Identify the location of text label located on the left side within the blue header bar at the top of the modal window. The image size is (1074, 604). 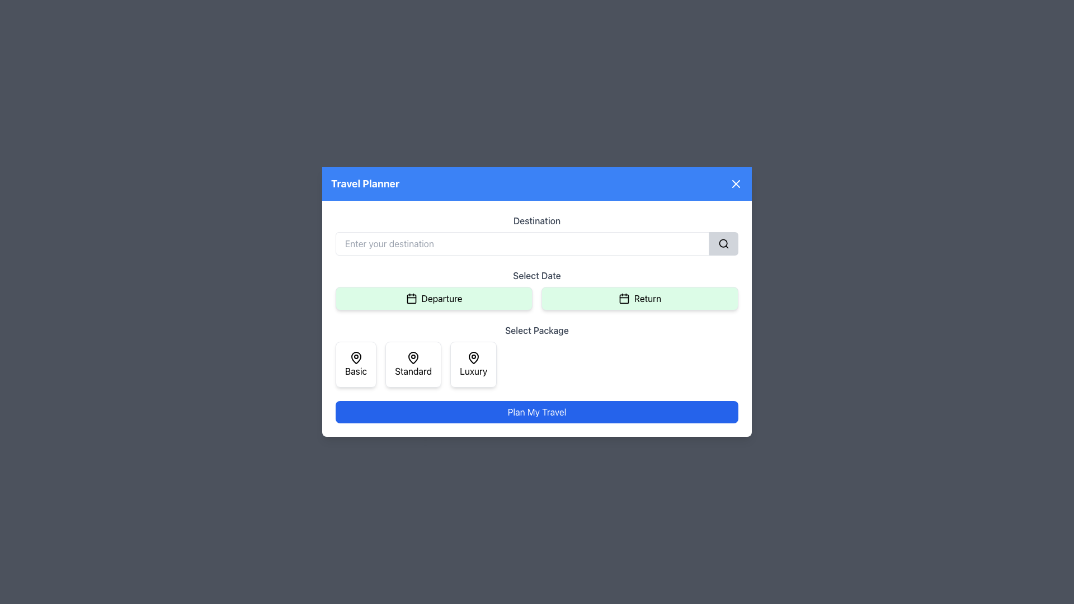
(365, 183).